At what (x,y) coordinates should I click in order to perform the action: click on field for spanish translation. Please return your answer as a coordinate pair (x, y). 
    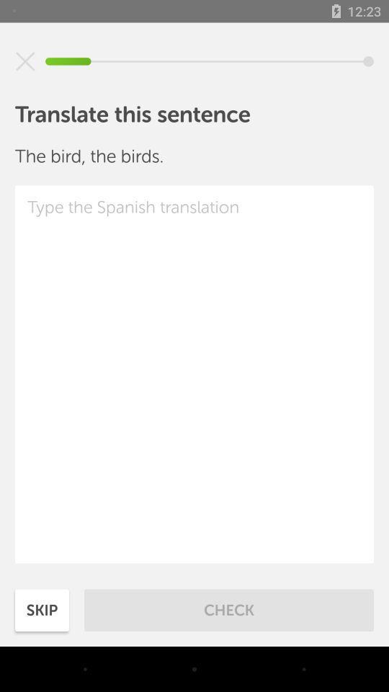
    Looking at the image, I should click on (194, 373).